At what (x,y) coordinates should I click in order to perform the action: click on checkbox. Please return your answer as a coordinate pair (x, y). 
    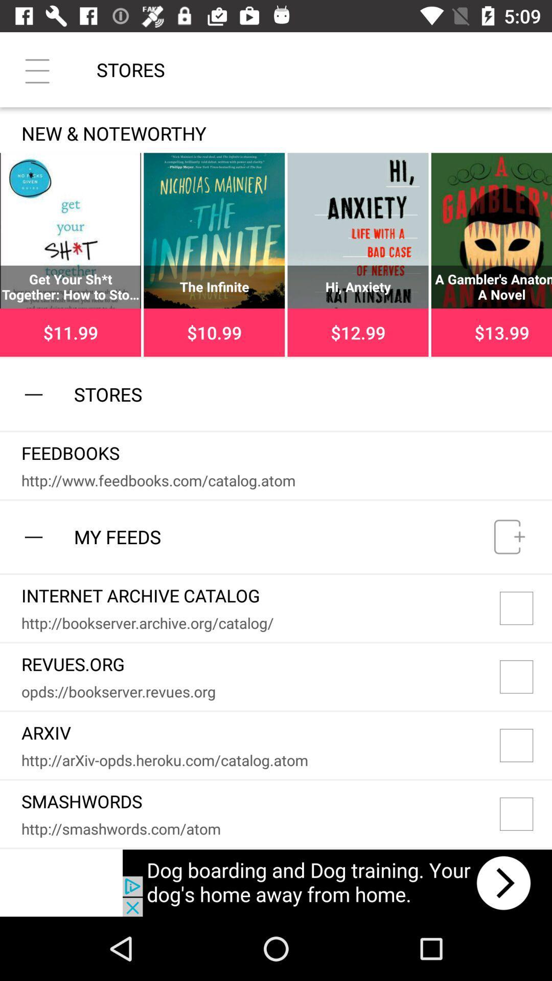
    Looking at the image, I should click on (526, 676).